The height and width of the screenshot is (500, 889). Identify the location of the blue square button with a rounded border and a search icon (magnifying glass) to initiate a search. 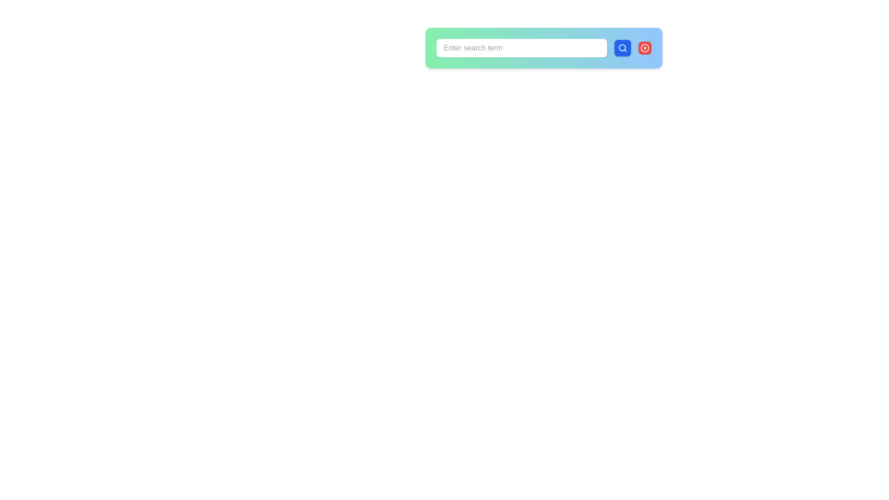
(622, 48).